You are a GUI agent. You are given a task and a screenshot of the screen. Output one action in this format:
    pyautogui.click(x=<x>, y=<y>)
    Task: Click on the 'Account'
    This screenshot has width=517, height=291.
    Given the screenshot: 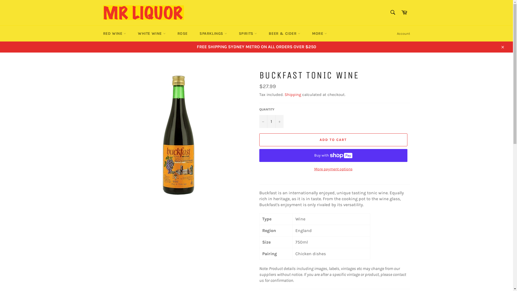 What is the action you would take?
    pyautogui.click(x=403, y=33)
    